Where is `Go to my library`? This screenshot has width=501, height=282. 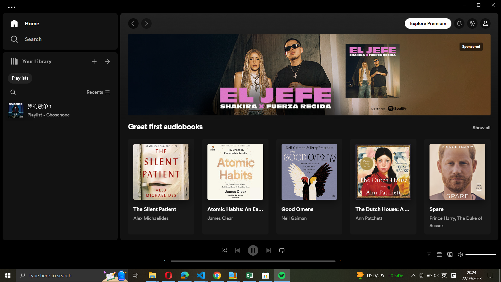
Go to my library is located at coordinates (107, 60).